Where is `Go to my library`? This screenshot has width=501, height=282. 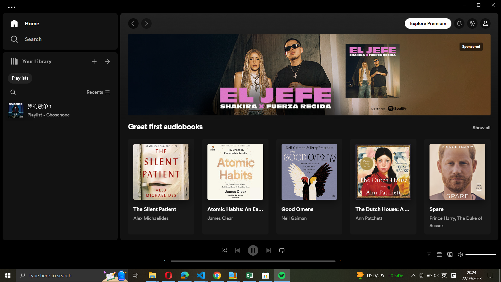
Go to my library is located at coordinates (107, 60).